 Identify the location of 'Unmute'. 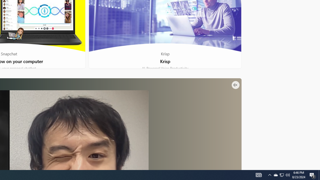
(235, 84).